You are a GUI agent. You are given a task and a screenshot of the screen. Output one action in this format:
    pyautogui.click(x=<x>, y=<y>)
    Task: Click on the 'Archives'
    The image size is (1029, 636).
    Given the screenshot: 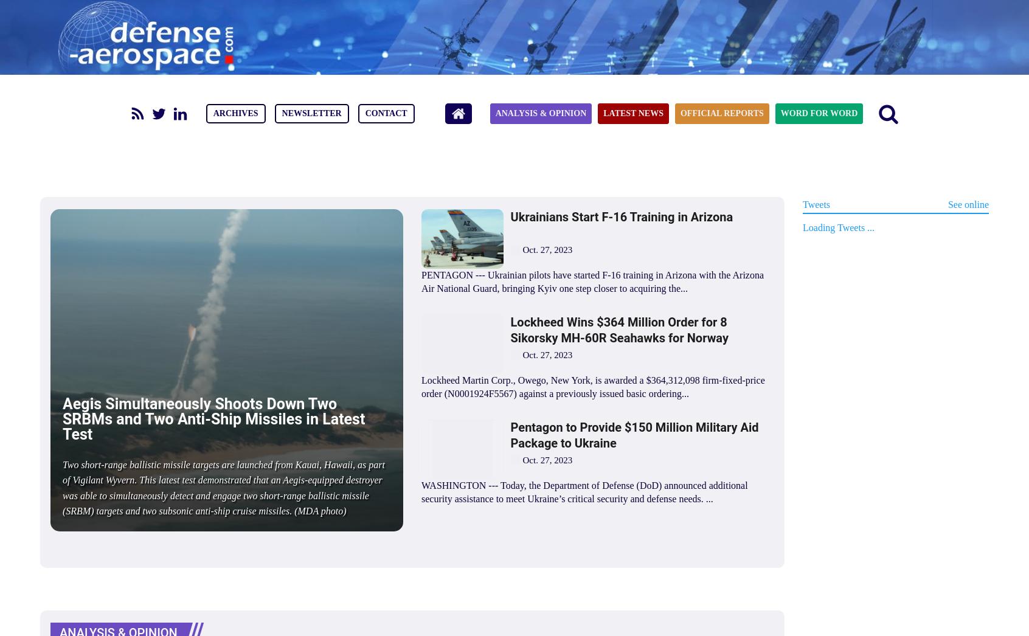 What is the action you would take?
    pyautogui.click(x=235, y=113)
    